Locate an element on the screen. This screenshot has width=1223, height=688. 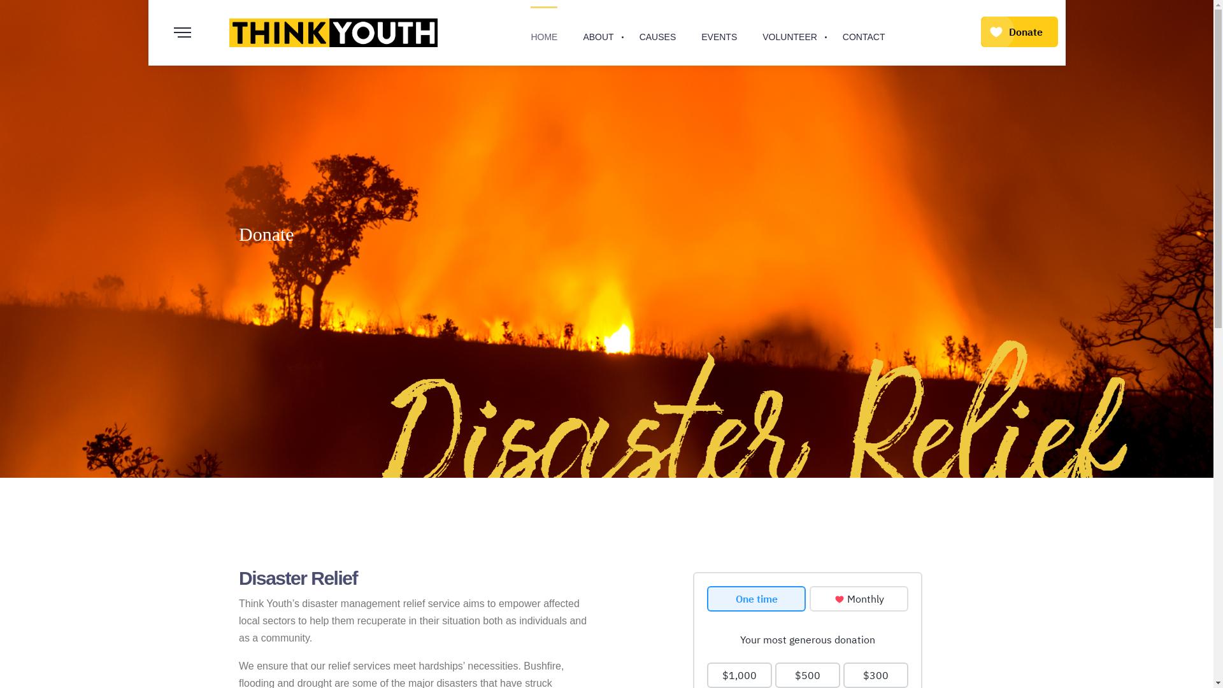
'Donate Button' is located at coordinates (1019, 31).